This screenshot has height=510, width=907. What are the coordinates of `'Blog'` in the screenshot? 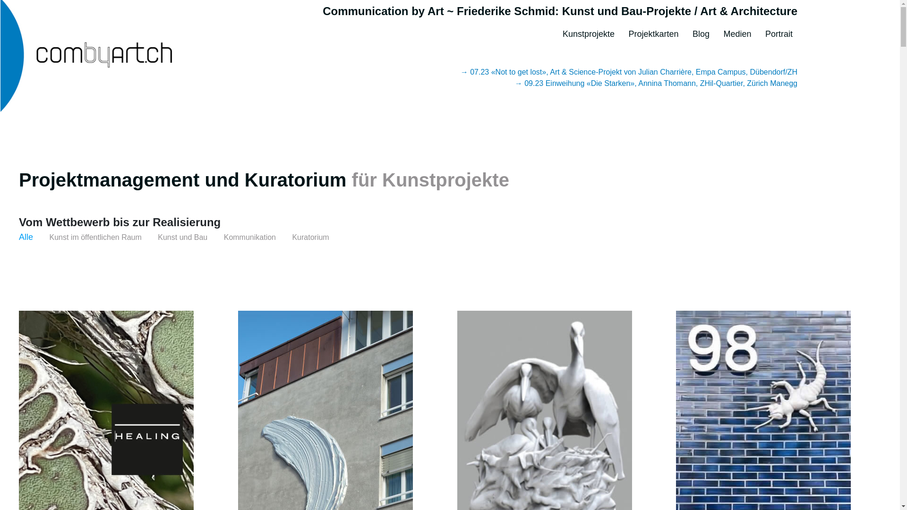 It's located at (701, 30).